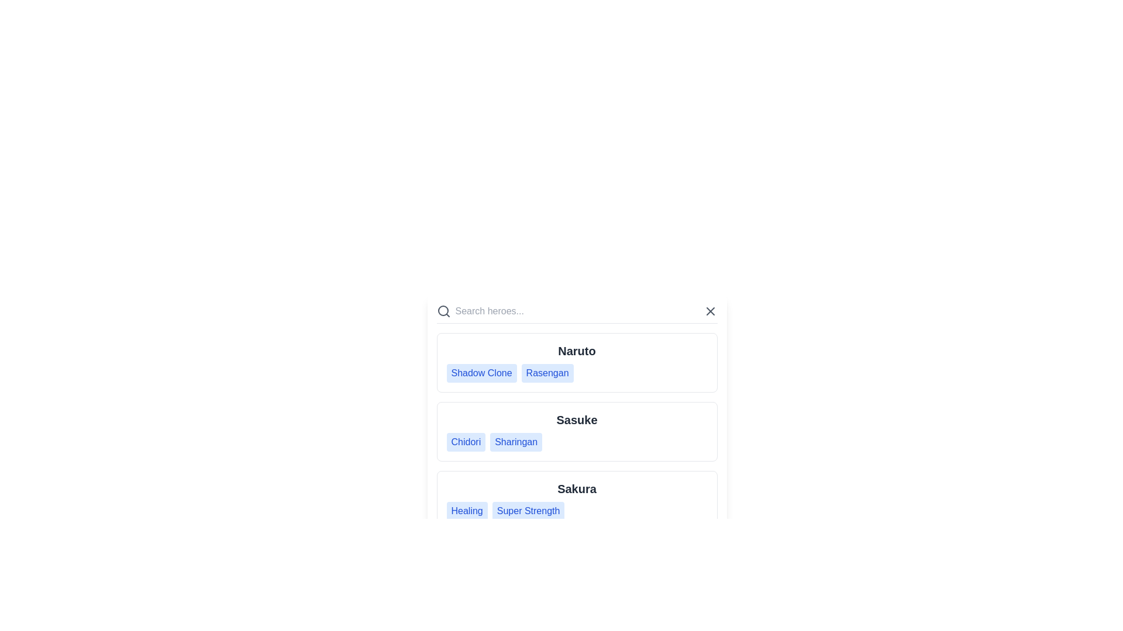  What do you see at coordinates (481, 373) in the screenshot?
I see `the button labeled 'Shadow Clone', which is the first selectable option under the title 'Naruto'` at bounding box center [481, 373].